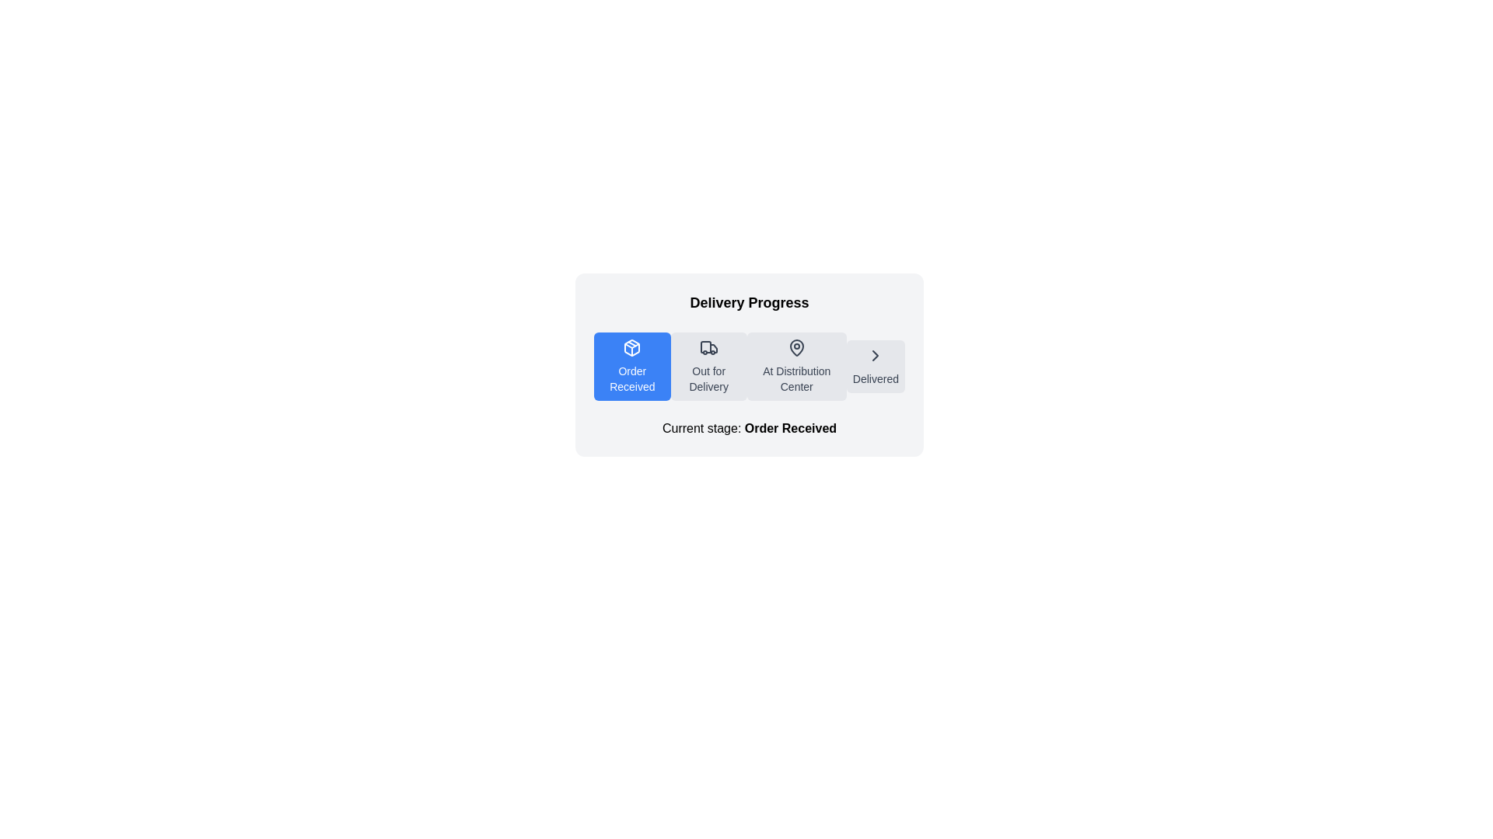 Image resolution: width=1493 pixels, height=839 pixels. I want to click on the 'Order Received' icon, which represents the initial stage in the delivery process, located at the top of the button on the leftmost side of the delivery stages progression bar, so click(632, 346).